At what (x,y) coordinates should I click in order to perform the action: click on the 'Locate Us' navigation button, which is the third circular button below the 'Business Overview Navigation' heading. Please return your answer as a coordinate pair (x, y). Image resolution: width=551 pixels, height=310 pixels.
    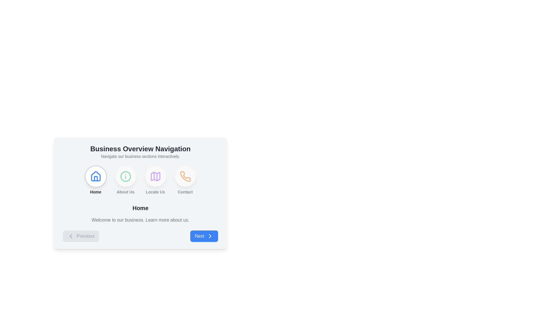
    Looking at the image, I should click on (155, 176).